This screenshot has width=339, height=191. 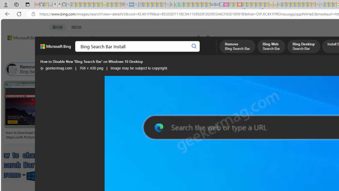 I want to click on 'MY BING', so click(x=73, y=52).